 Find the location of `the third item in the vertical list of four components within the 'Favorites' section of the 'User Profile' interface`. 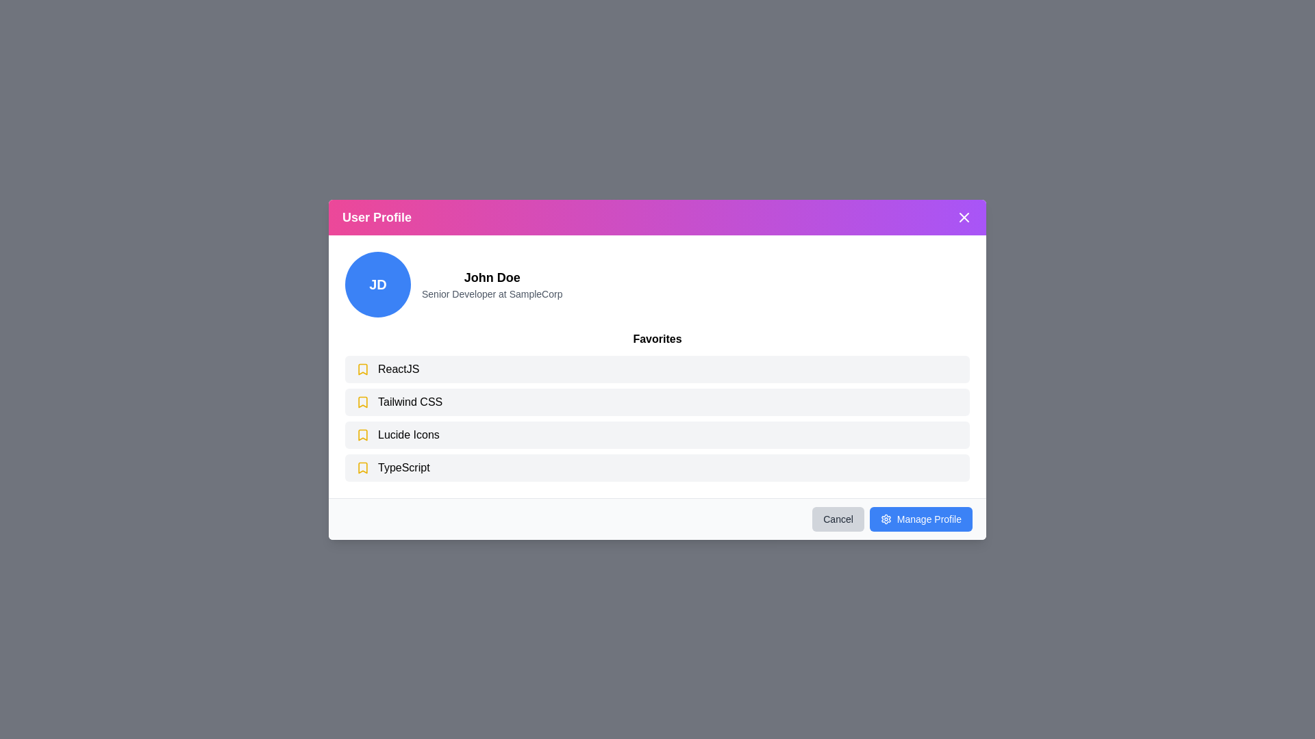

the third item in the vertical list of four components within the 'Favorites' section of the 'User Profile' interface is located at coordinates (657, 435).